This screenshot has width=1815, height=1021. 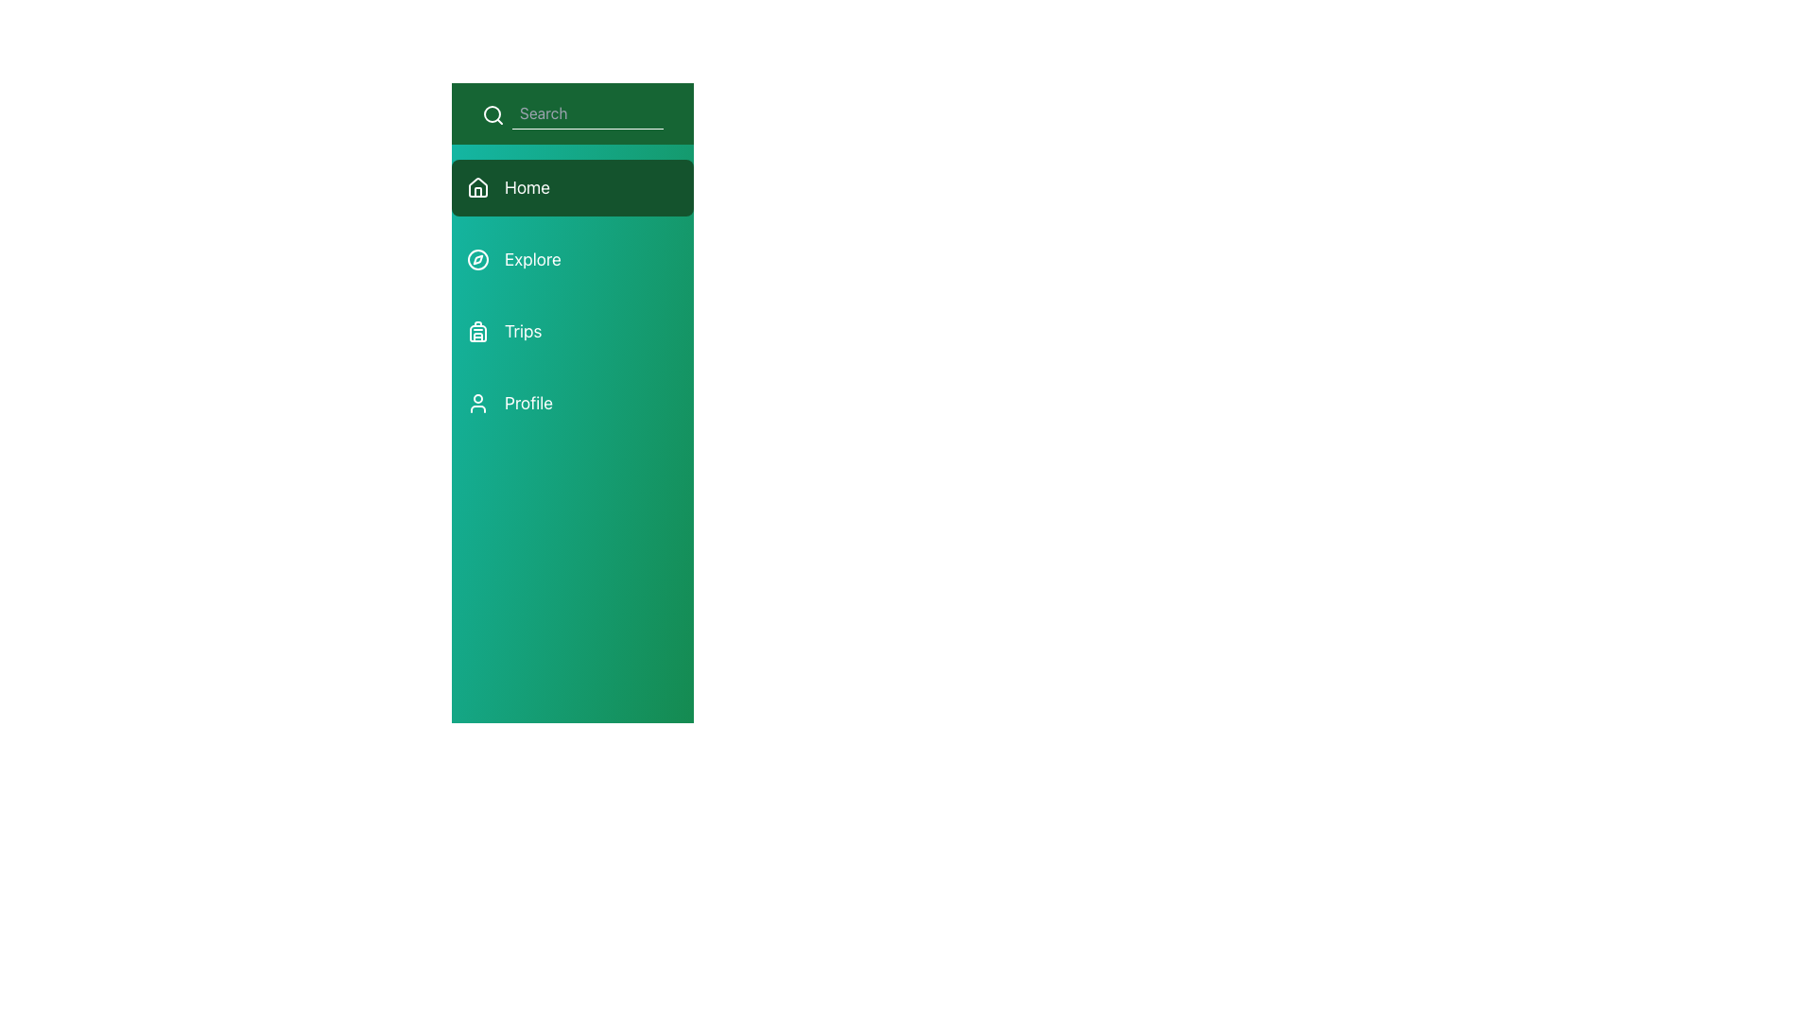 What do you see at coordinates (531, 259) in the screenshot?
I see `the 'Explore' TextLabel in the navigation menu` at bounding box center [531, 259].